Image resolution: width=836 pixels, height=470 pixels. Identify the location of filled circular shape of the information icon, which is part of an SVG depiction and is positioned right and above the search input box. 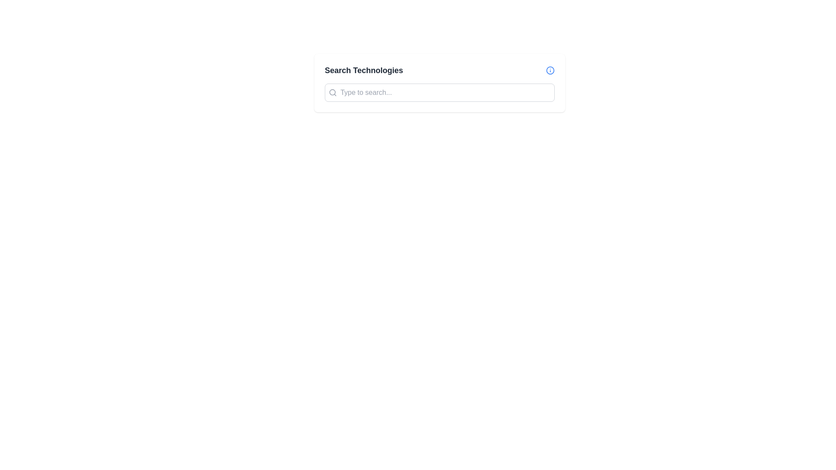
(549, 70).